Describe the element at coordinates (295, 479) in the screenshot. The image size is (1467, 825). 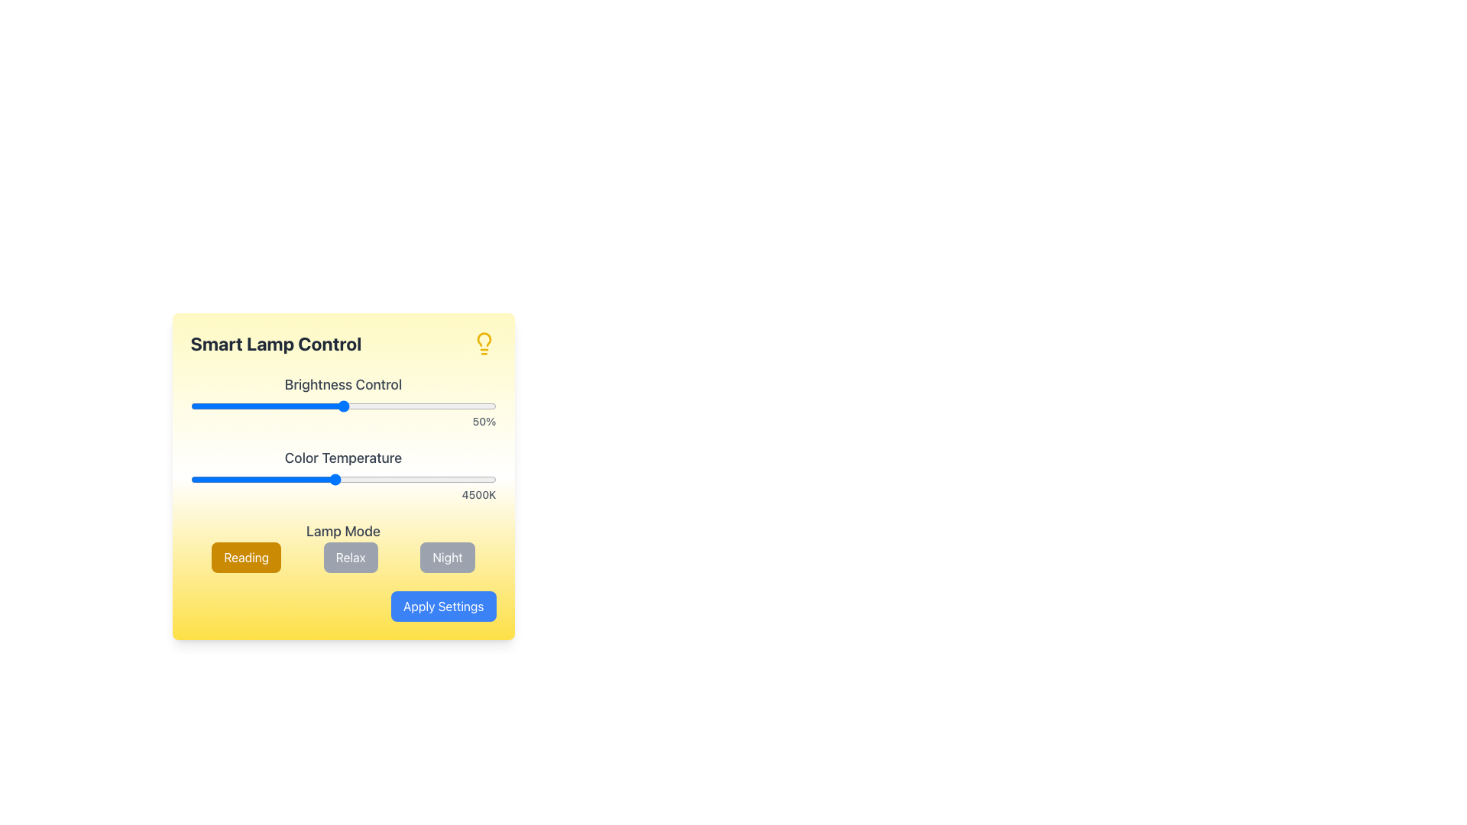
I see `the color temperature` at that location.